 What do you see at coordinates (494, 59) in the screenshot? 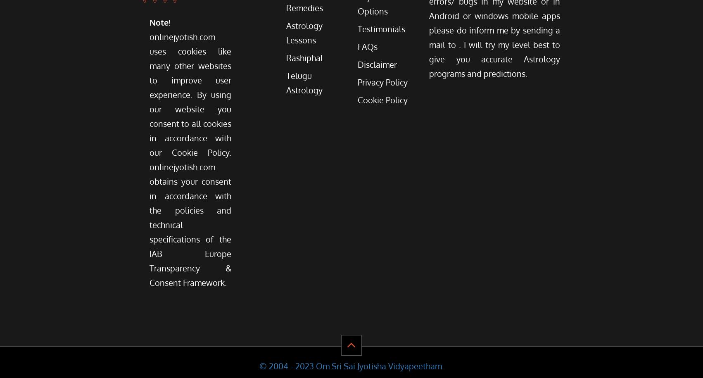
I see `'. I will try my level best to give you accurate Astrology programs and predictions.'` at bounding box center [494, 59].